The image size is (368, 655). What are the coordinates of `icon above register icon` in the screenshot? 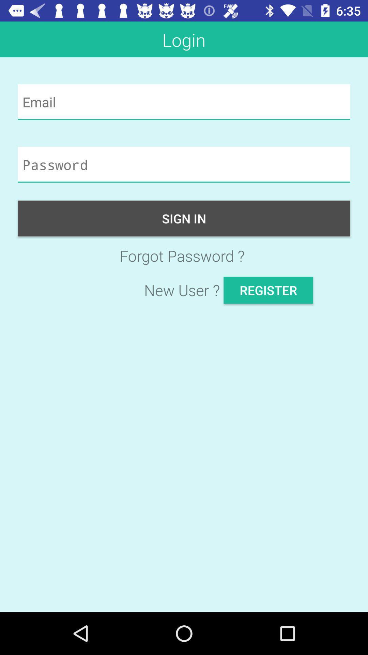 It's located at (184, 255).